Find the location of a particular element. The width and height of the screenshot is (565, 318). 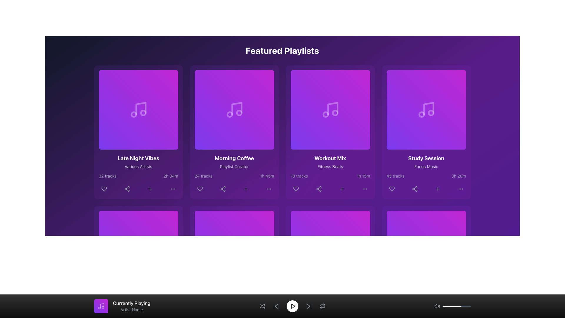

the triangular play icon located in the bottom navigation bar is located at coordinates (293, 306).